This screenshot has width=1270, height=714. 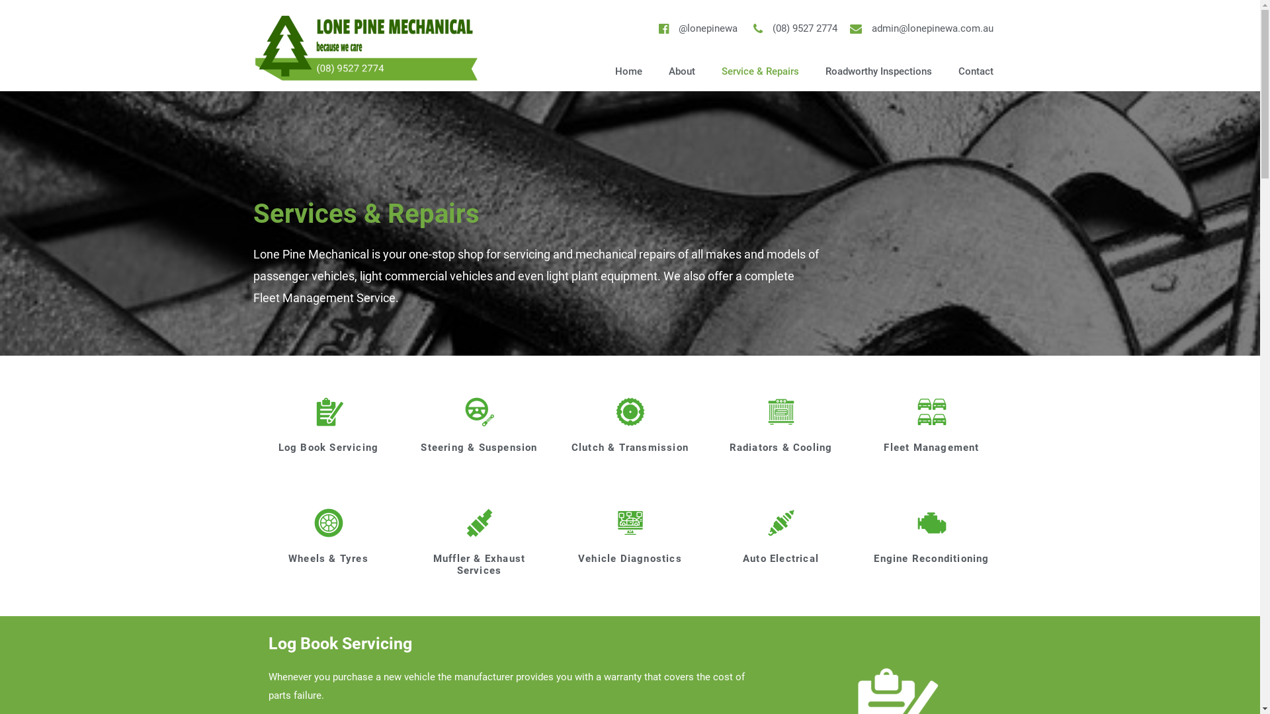 I want to click on 'About', so click(x=655, y=71).